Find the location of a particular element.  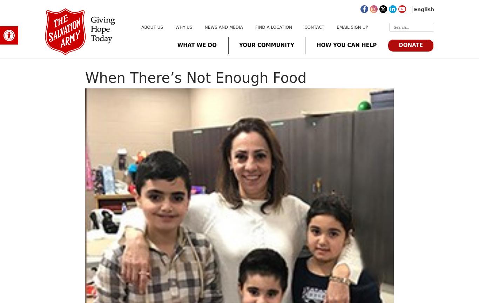

'Volunteer With Us' is located at coordinates (223, 75).